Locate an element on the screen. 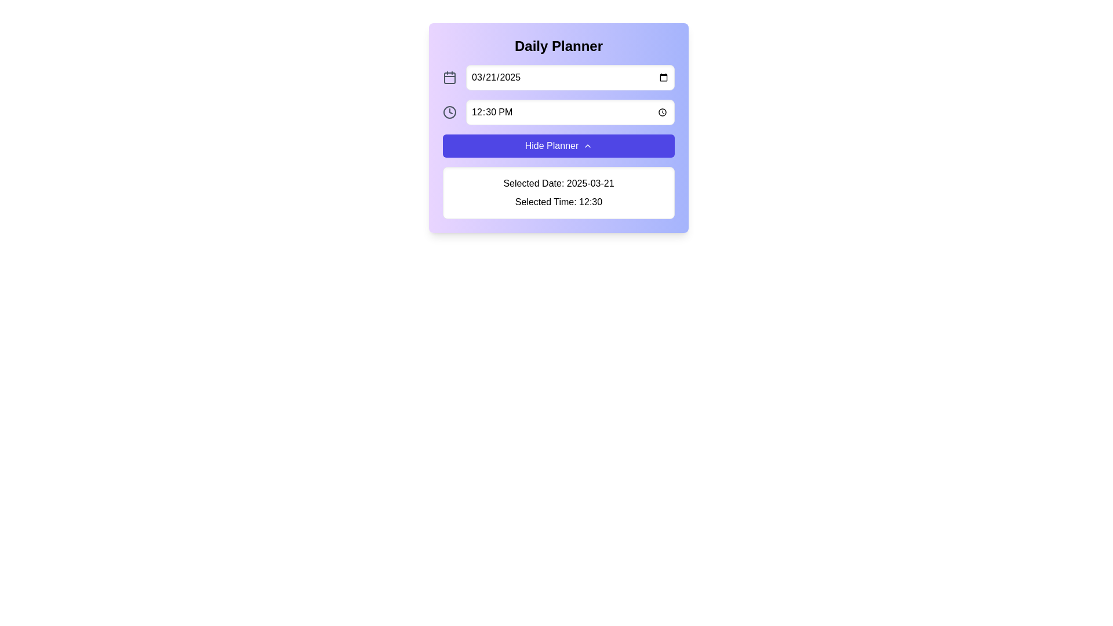 This screenshot has height=626, width=1113. the Chevron-Up icon located within the 'Hide Planner' button is located at coordinates (588, 145).